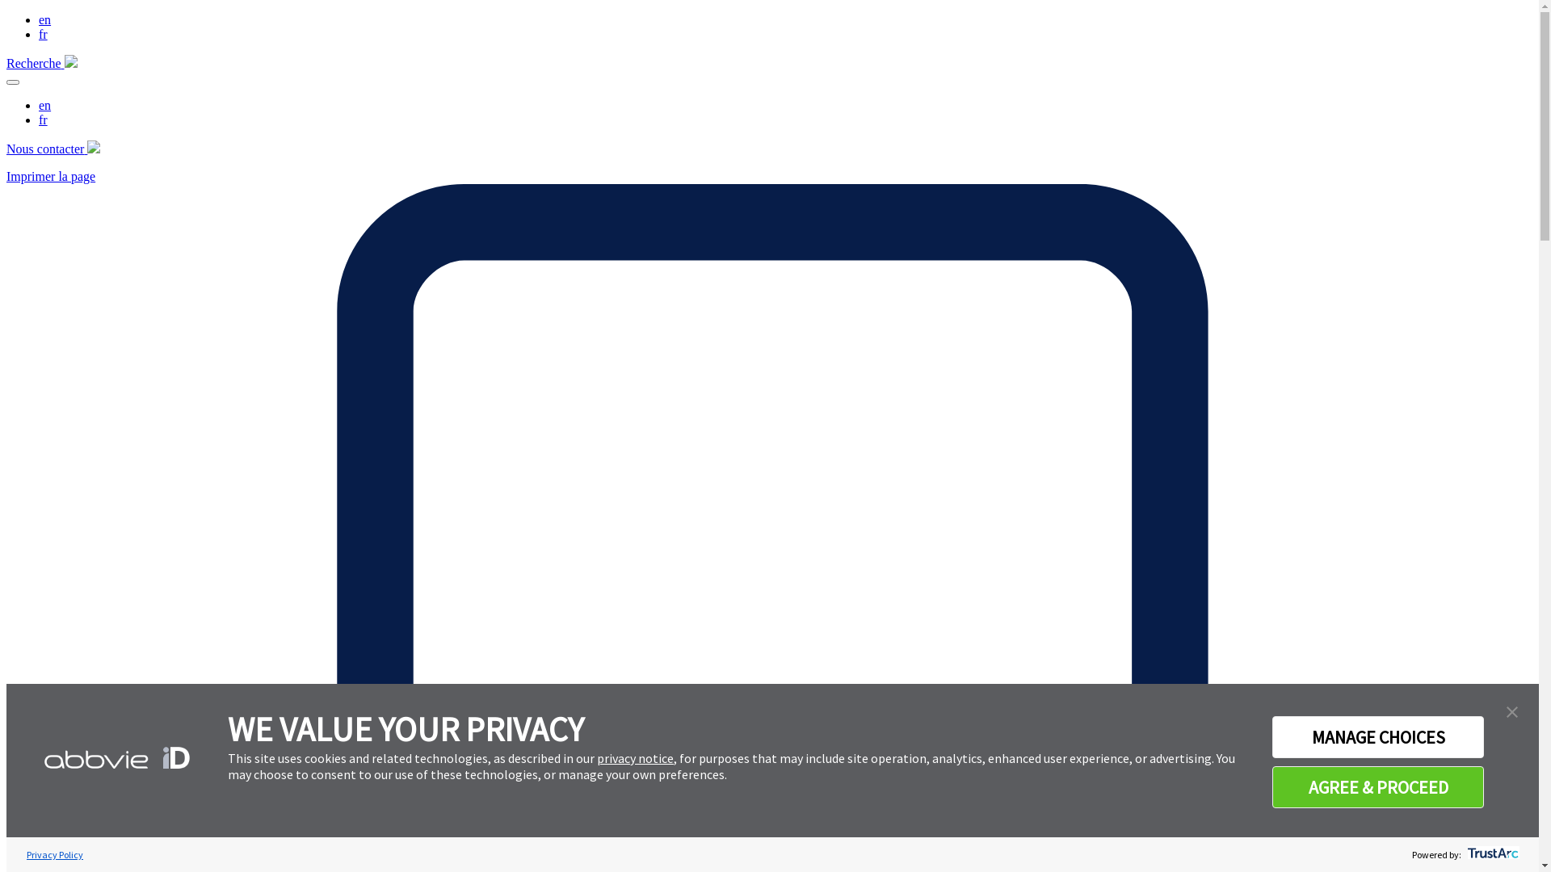  I want to click on 'Aller au contenu principal', so click(6, 13).